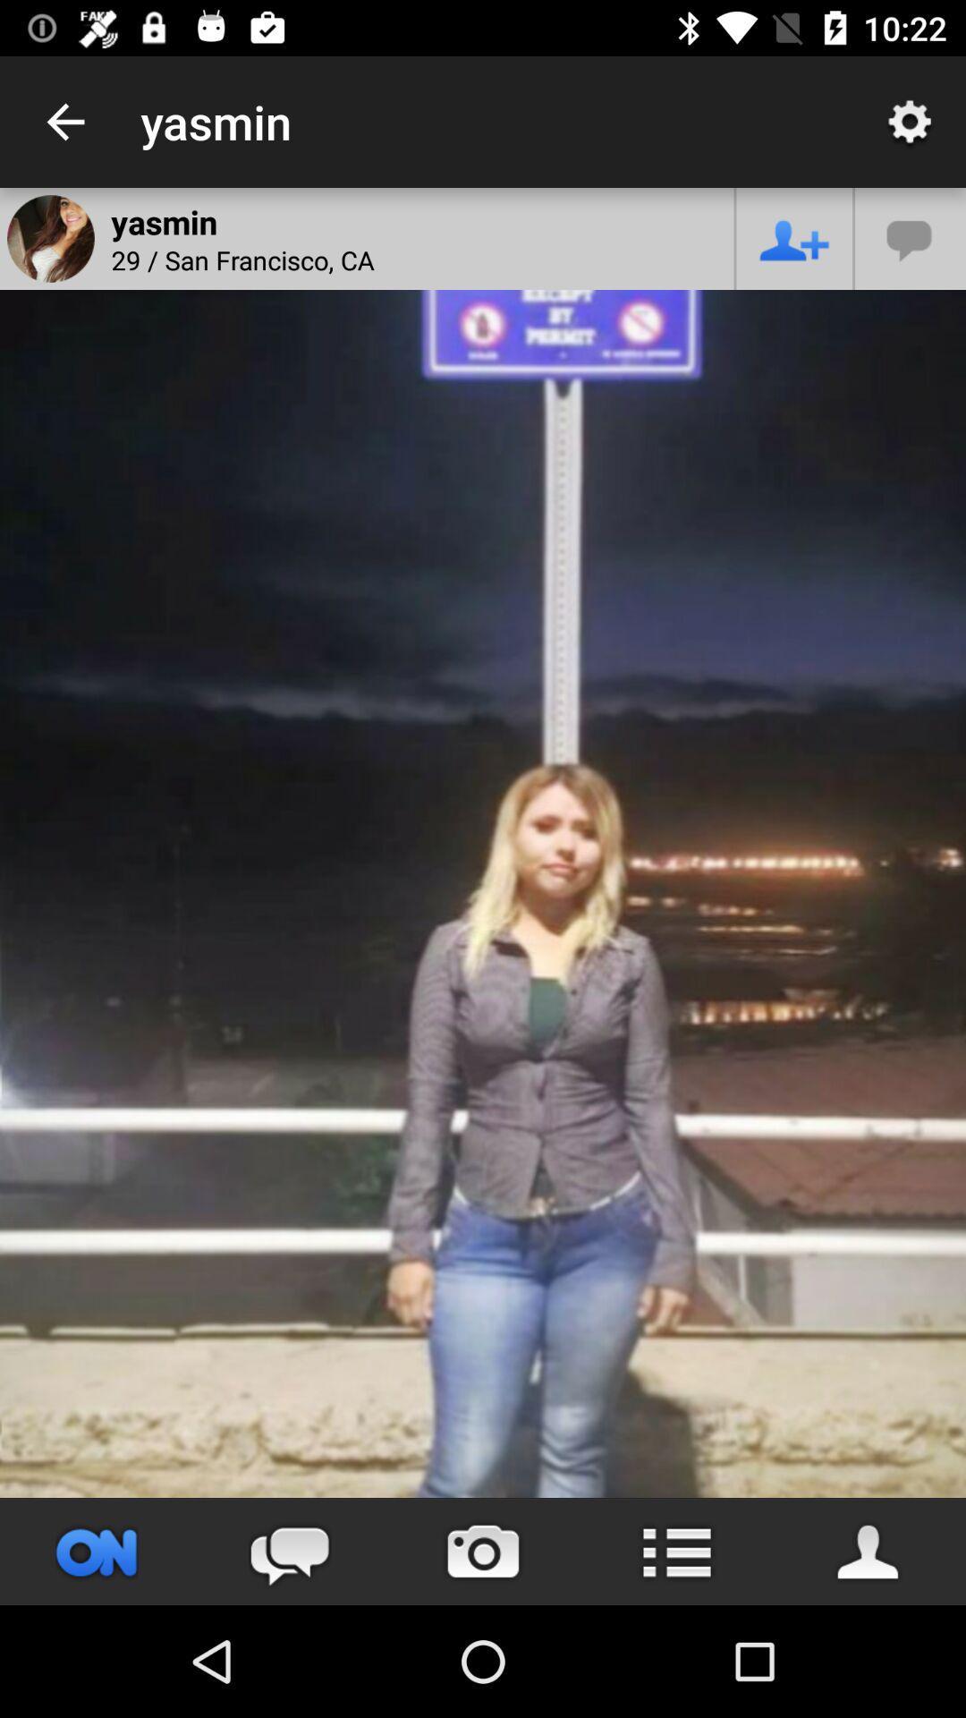  What do you see at coordinates (64, 121) in the screenshot?
I see `item to the left of the yasmin app` at bounding box center [64, 121].